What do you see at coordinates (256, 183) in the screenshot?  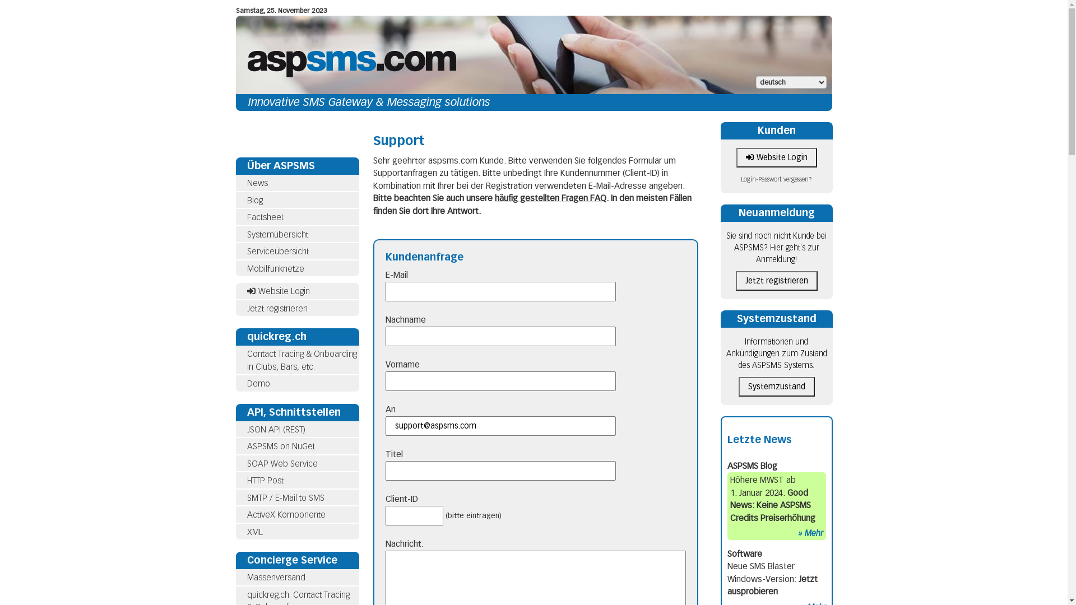 I see `'News'` at bounding box center [256, 183].